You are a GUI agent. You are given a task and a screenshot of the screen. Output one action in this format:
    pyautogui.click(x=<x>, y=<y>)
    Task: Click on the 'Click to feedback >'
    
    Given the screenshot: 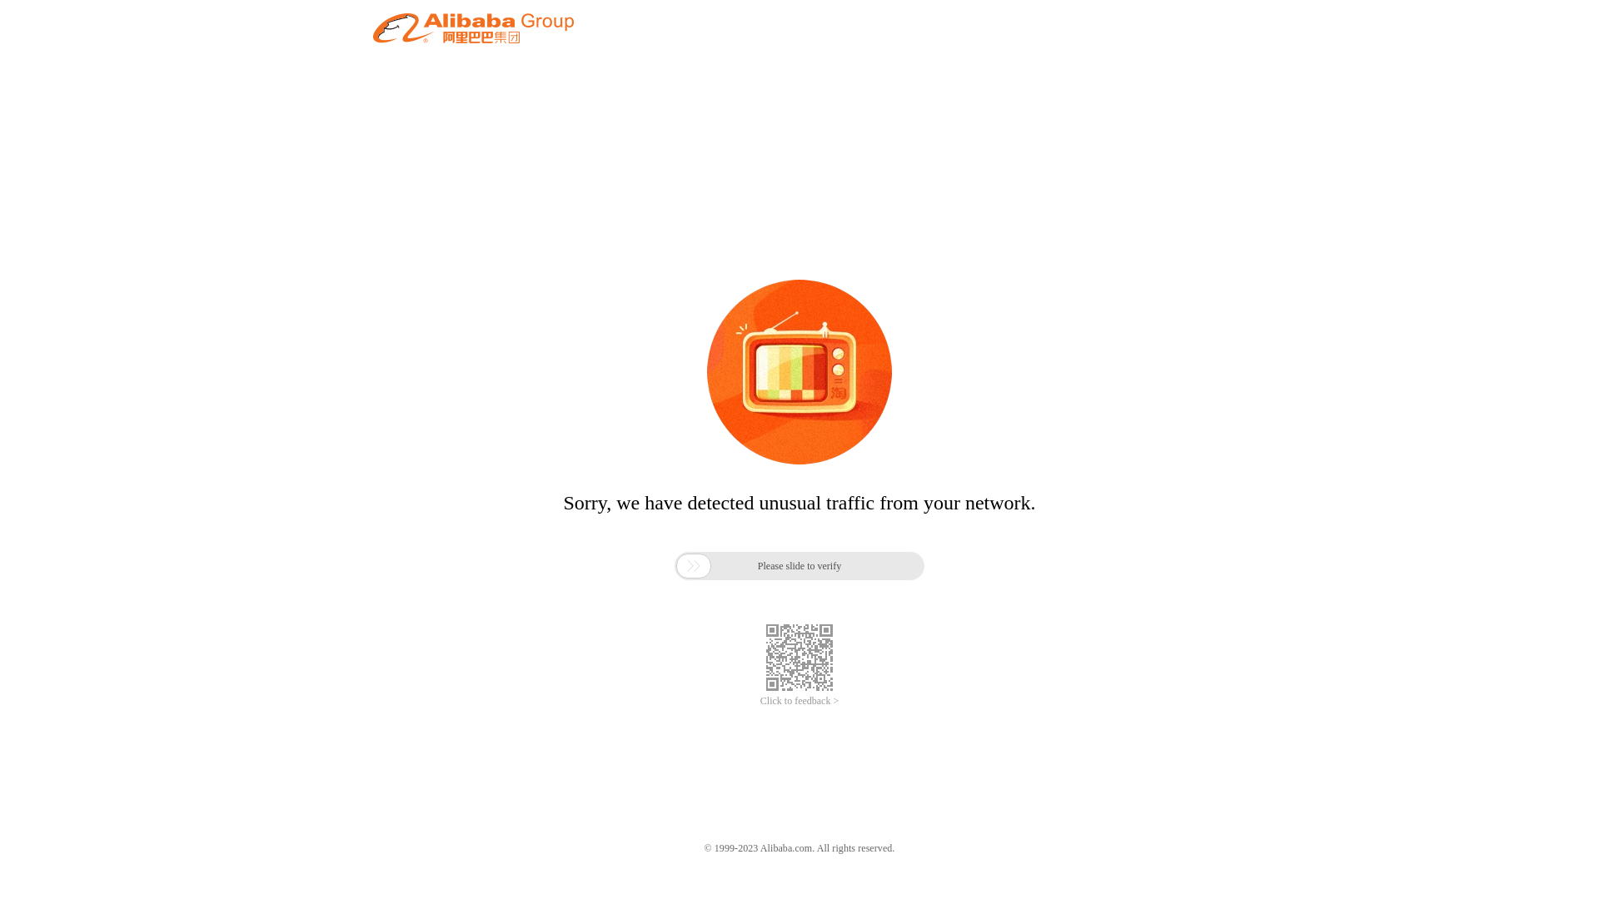 What is the action you would take?
    pyautogui.click(x=799, y=701)
    